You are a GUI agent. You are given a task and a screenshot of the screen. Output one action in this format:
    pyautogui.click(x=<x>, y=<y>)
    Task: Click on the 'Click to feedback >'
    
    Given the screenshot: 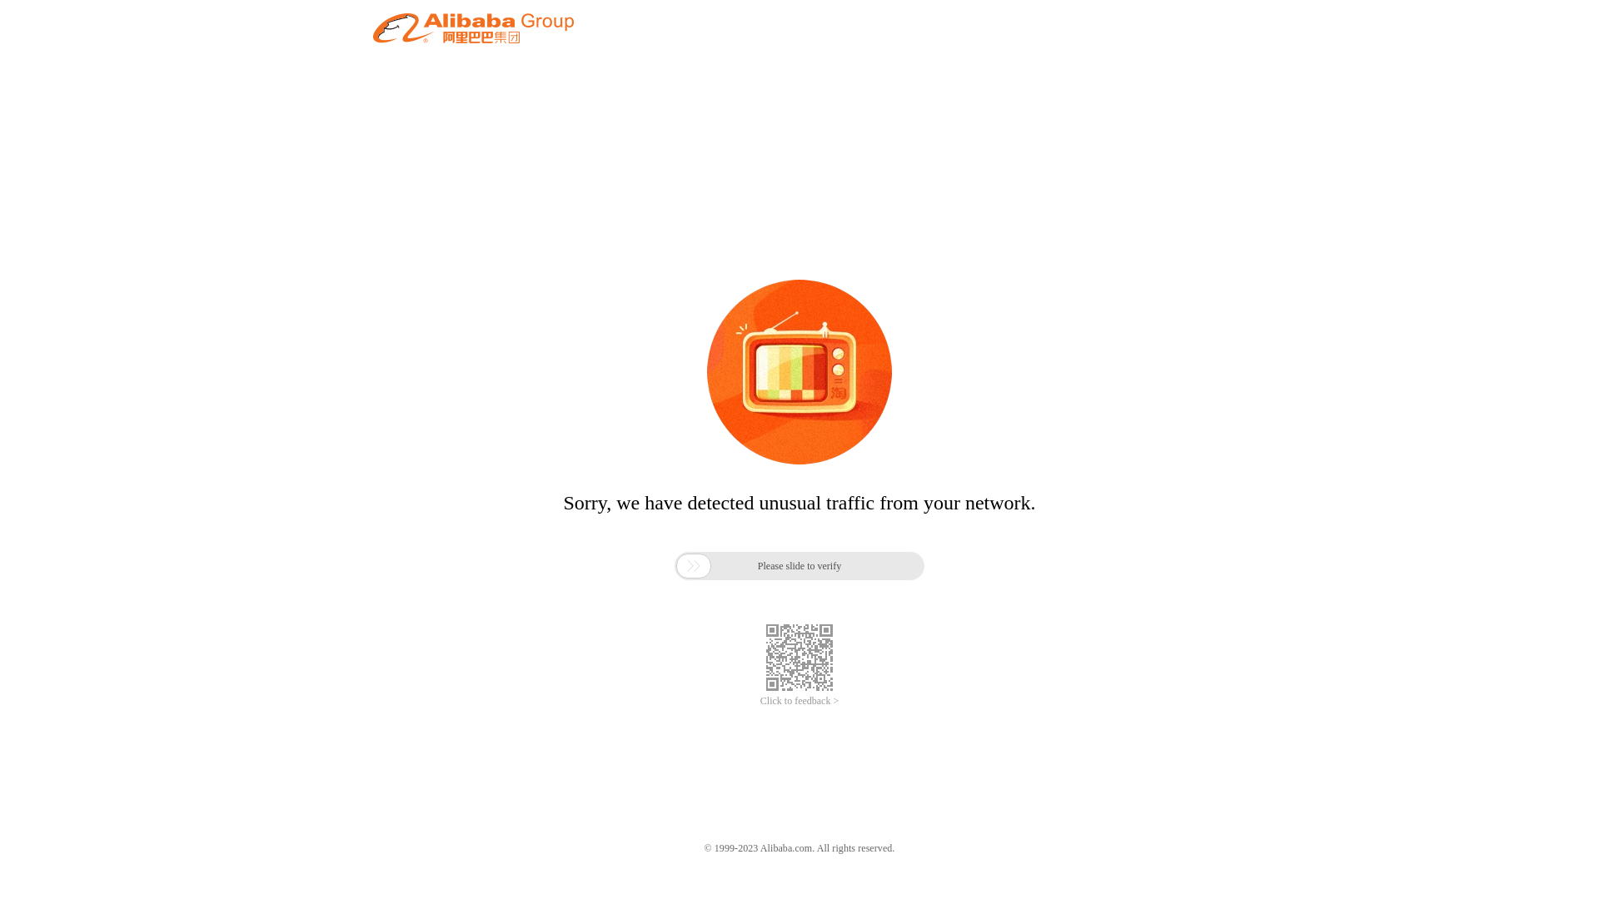 What is the action you would take?
    pyautogui.click(x=799, y=701)
    